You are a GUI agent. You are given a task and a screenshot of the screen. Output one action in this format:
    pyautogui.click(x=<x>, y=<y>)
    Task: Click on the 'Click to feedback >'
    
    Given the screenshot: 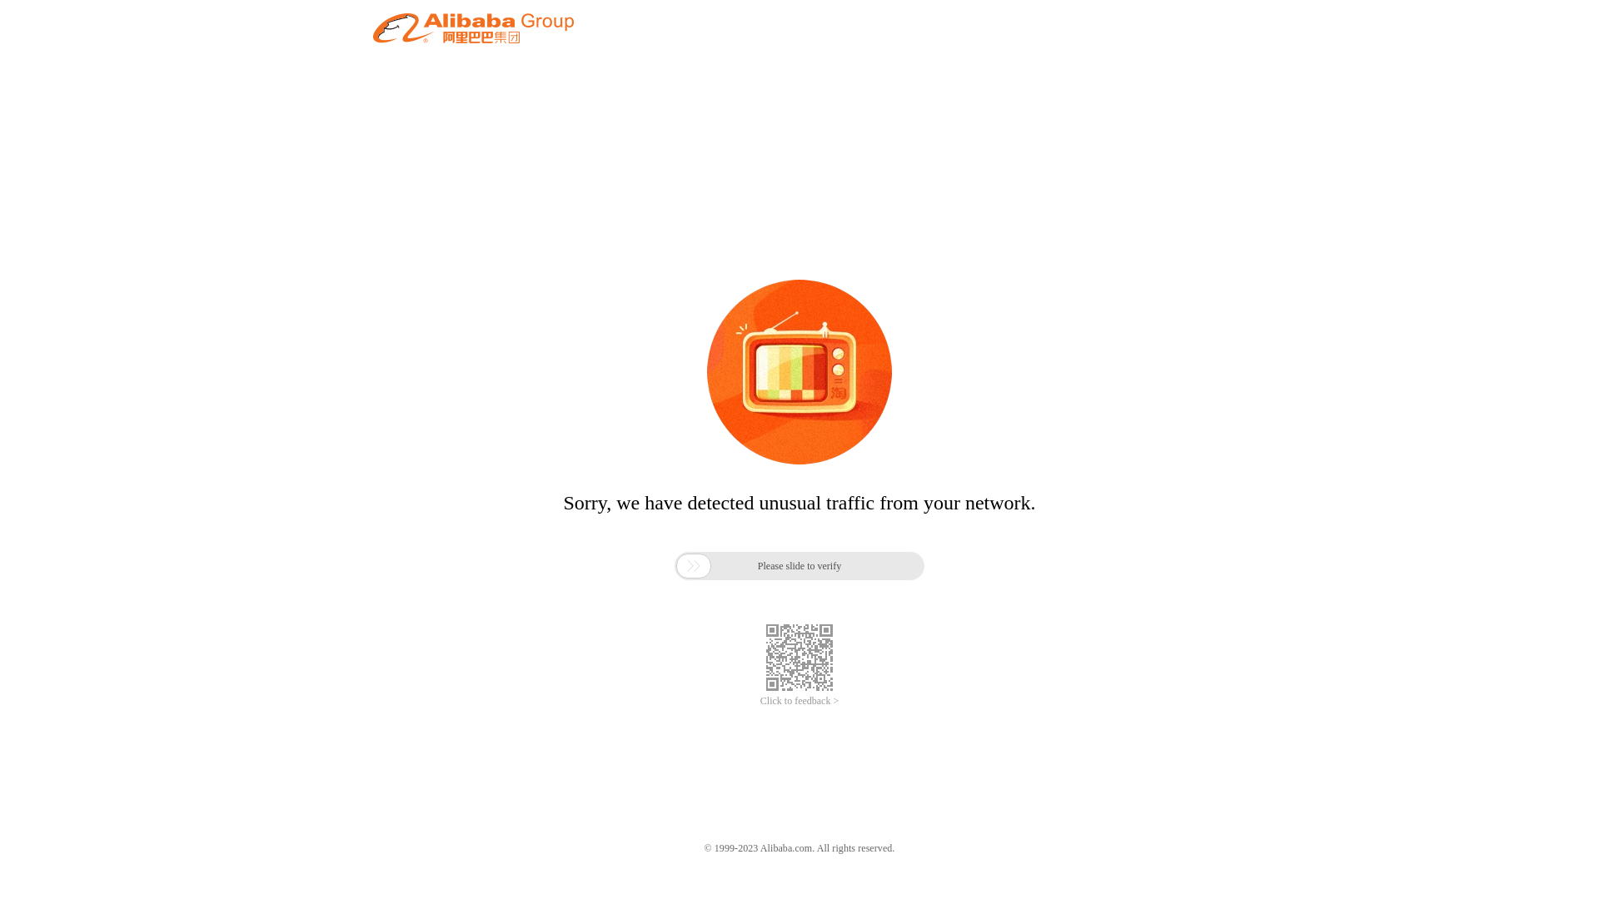 What is the action you would take?
    pyautogui.click(x=799, y=701)
    